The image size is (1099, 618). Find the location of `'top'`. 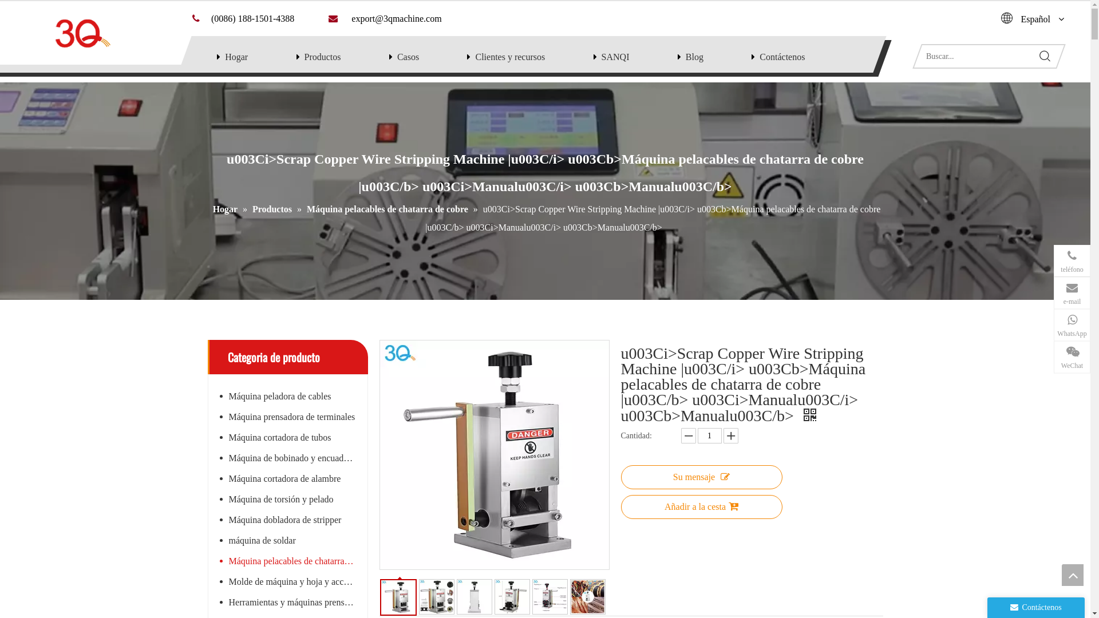

'top' is located at coordinates (1072, 575).